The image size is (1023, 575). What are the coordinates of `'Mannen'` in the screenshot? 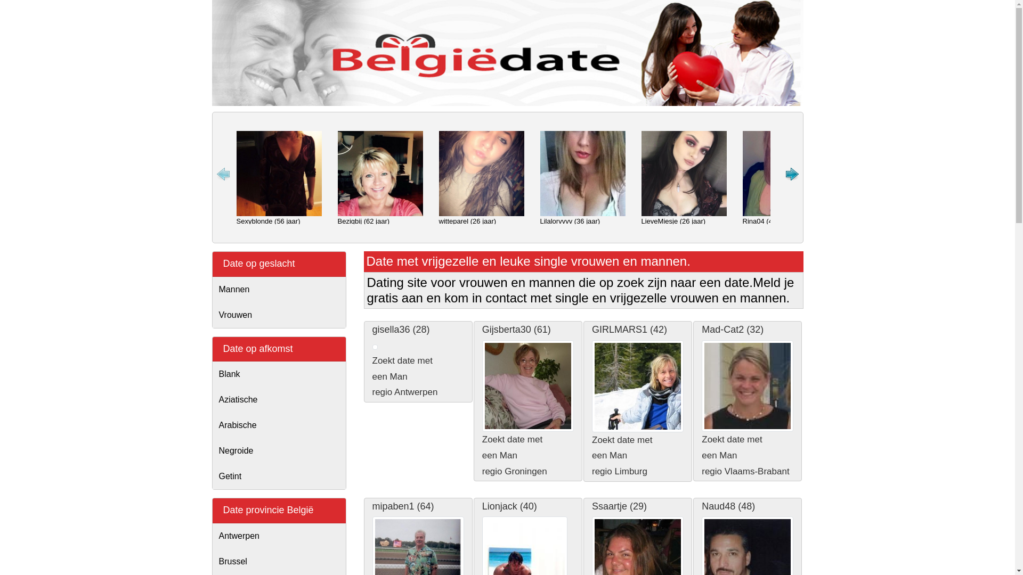 It's located at (279, 289).